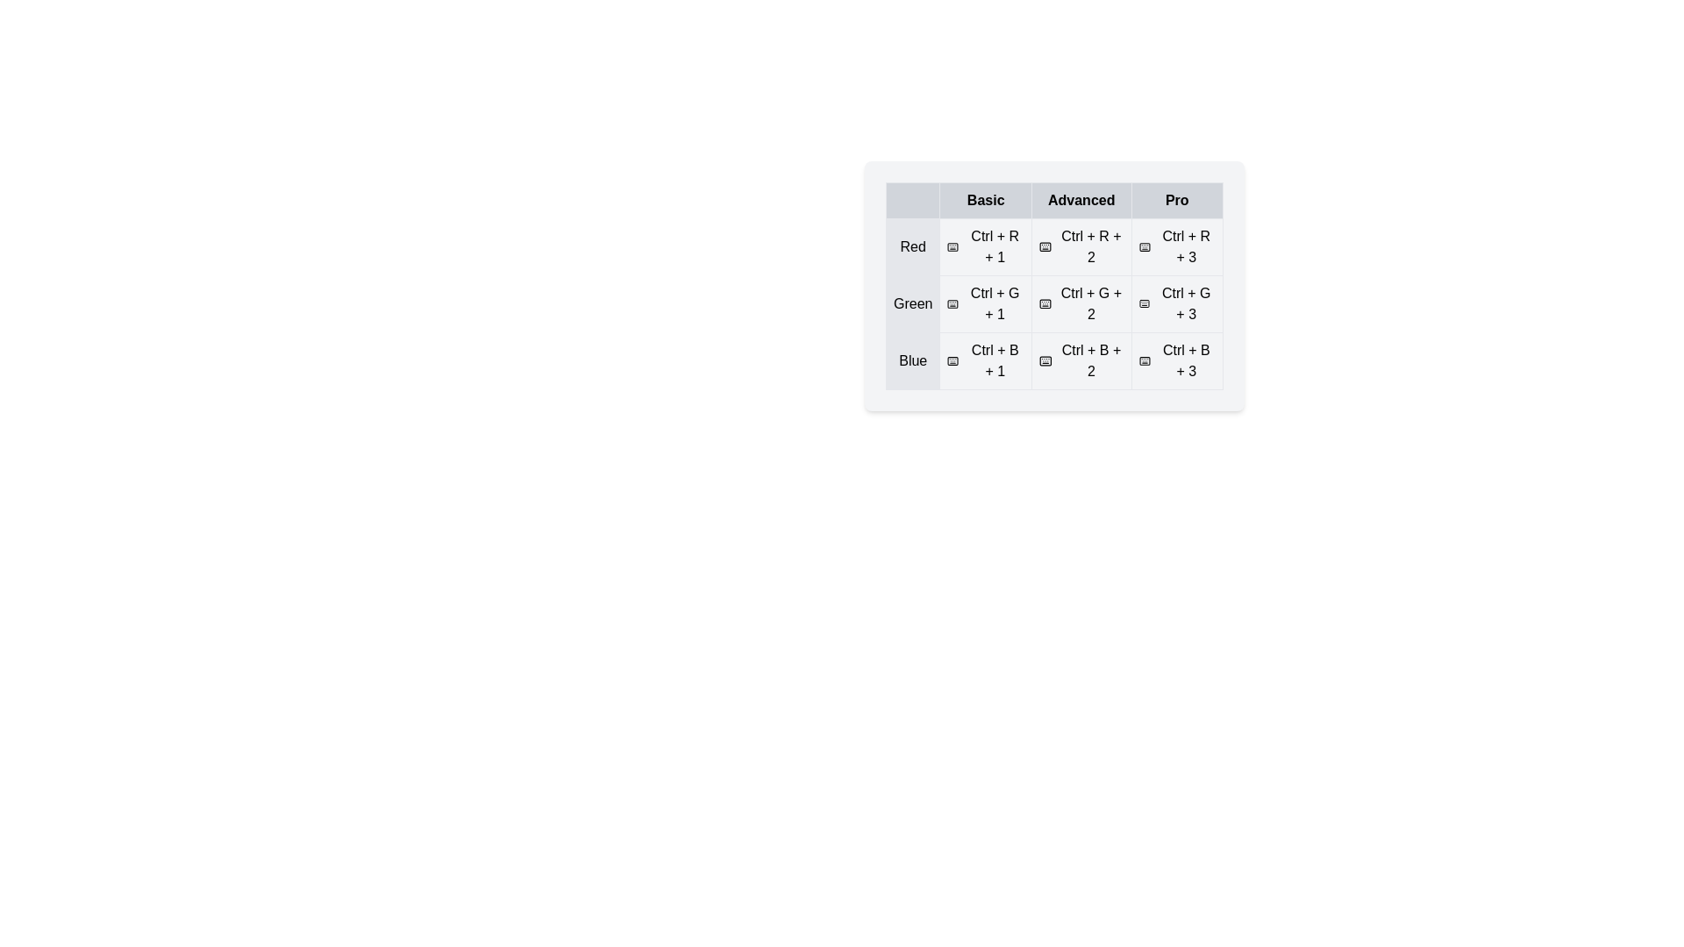 This screenshot has width=1684, height=947. Describe the element at coordinates (1081, 360) in the screenshot. I see `the Static Display Text with Icon that displays 'Ctrl + B + 2', located in the third row and second column of the table` at that location.